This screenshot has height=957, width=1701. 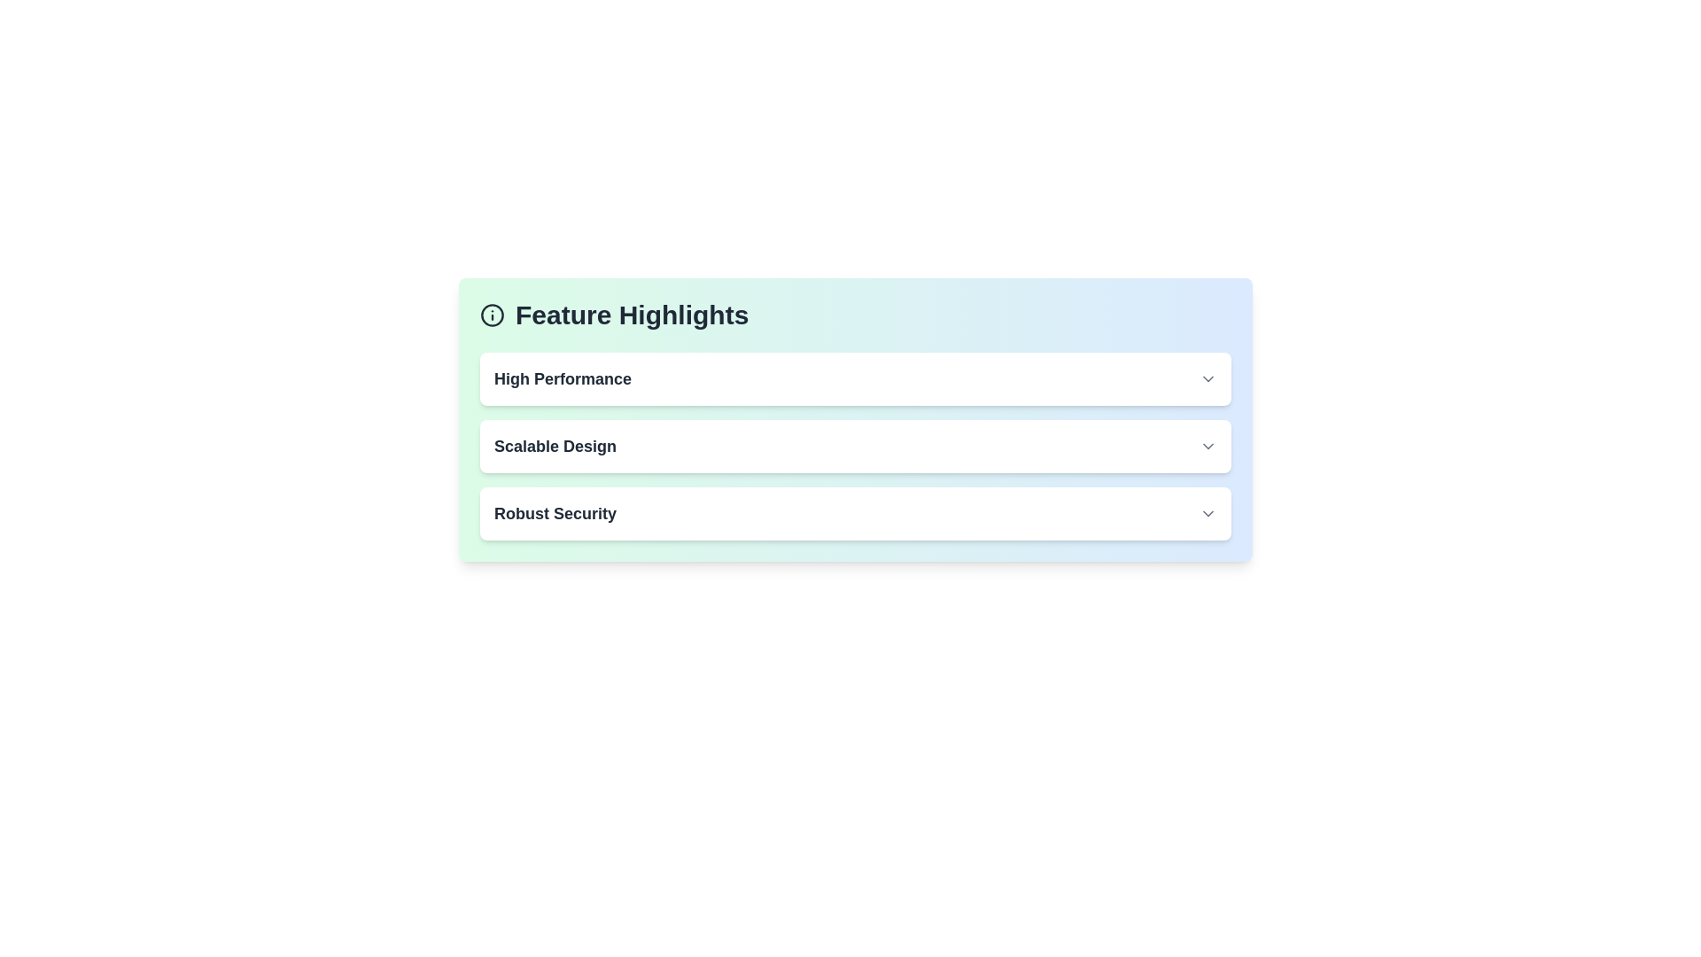 I want to click on the outlined circular icon with an 'i' symbol, which is located to the left of the 'Feature Highlights' text, as a visual cue, so click(x=493, y=314).